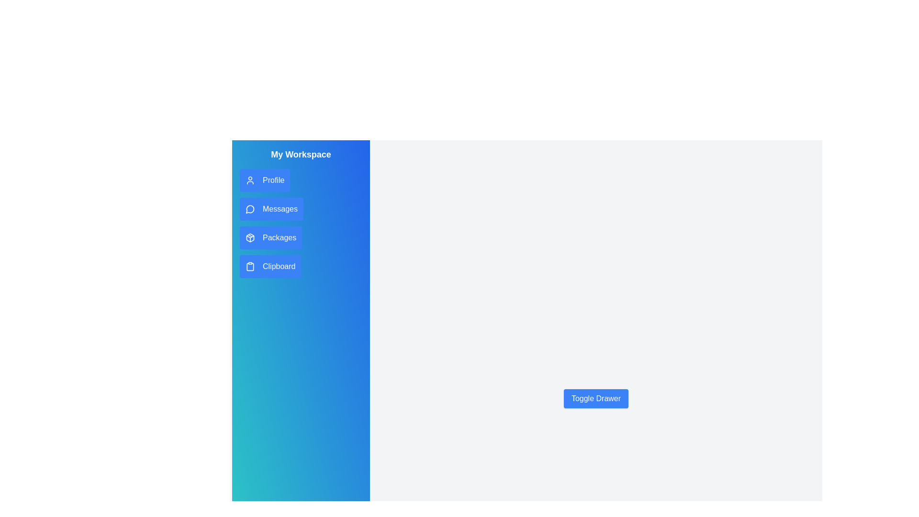 The height and width of the screenshot is (517, 919). Describe the element at coordinates (595, 399) in the screenshot. I see `'Toggle Drawer' button to toggle the drawer visibility` at that location.